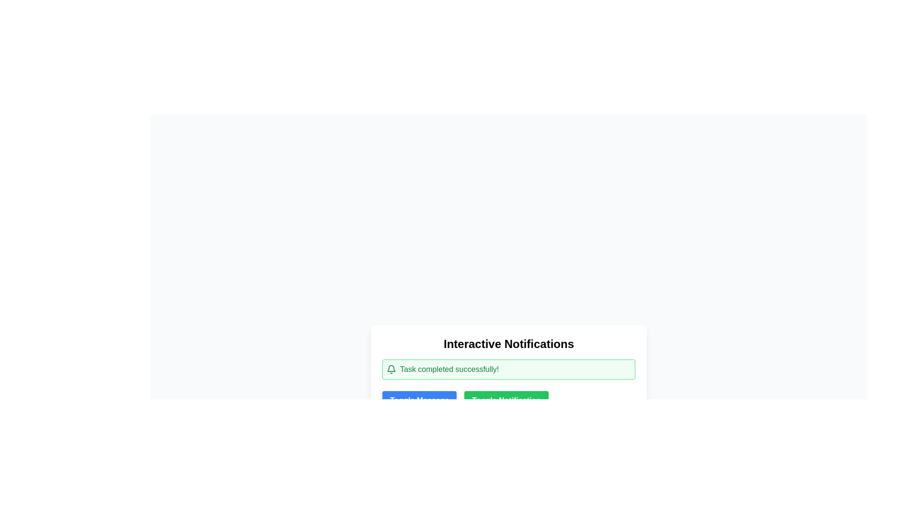 This screenshot has width=920, height=517. Describe the element at coordinates (391, 369) in the screenshot. I see `the bell icon` at that location.